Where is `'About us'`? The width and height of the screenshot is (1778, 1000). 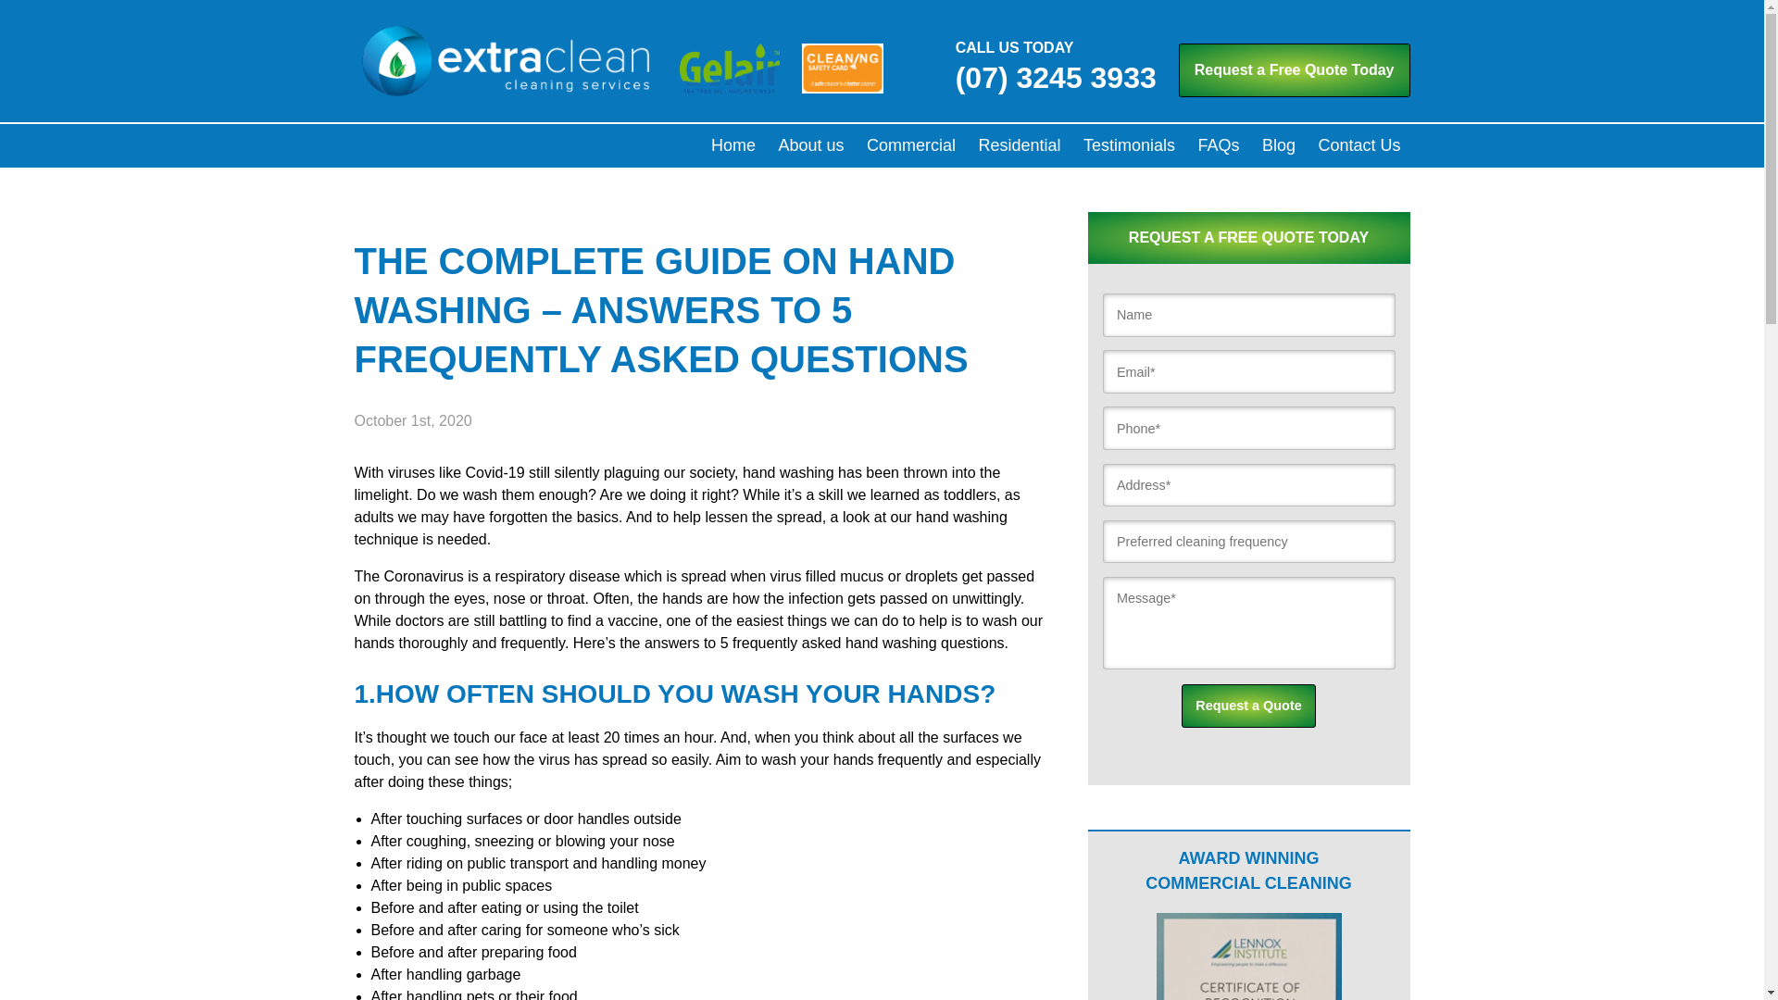
'About us' is located at coordinates (810, 144).